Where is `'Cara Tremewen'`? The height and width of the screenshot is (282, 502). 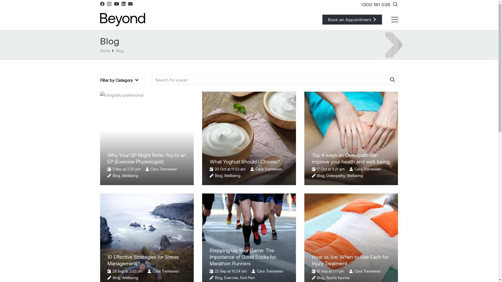 'Cara Tremewen' is located at coordinates (367, 169).